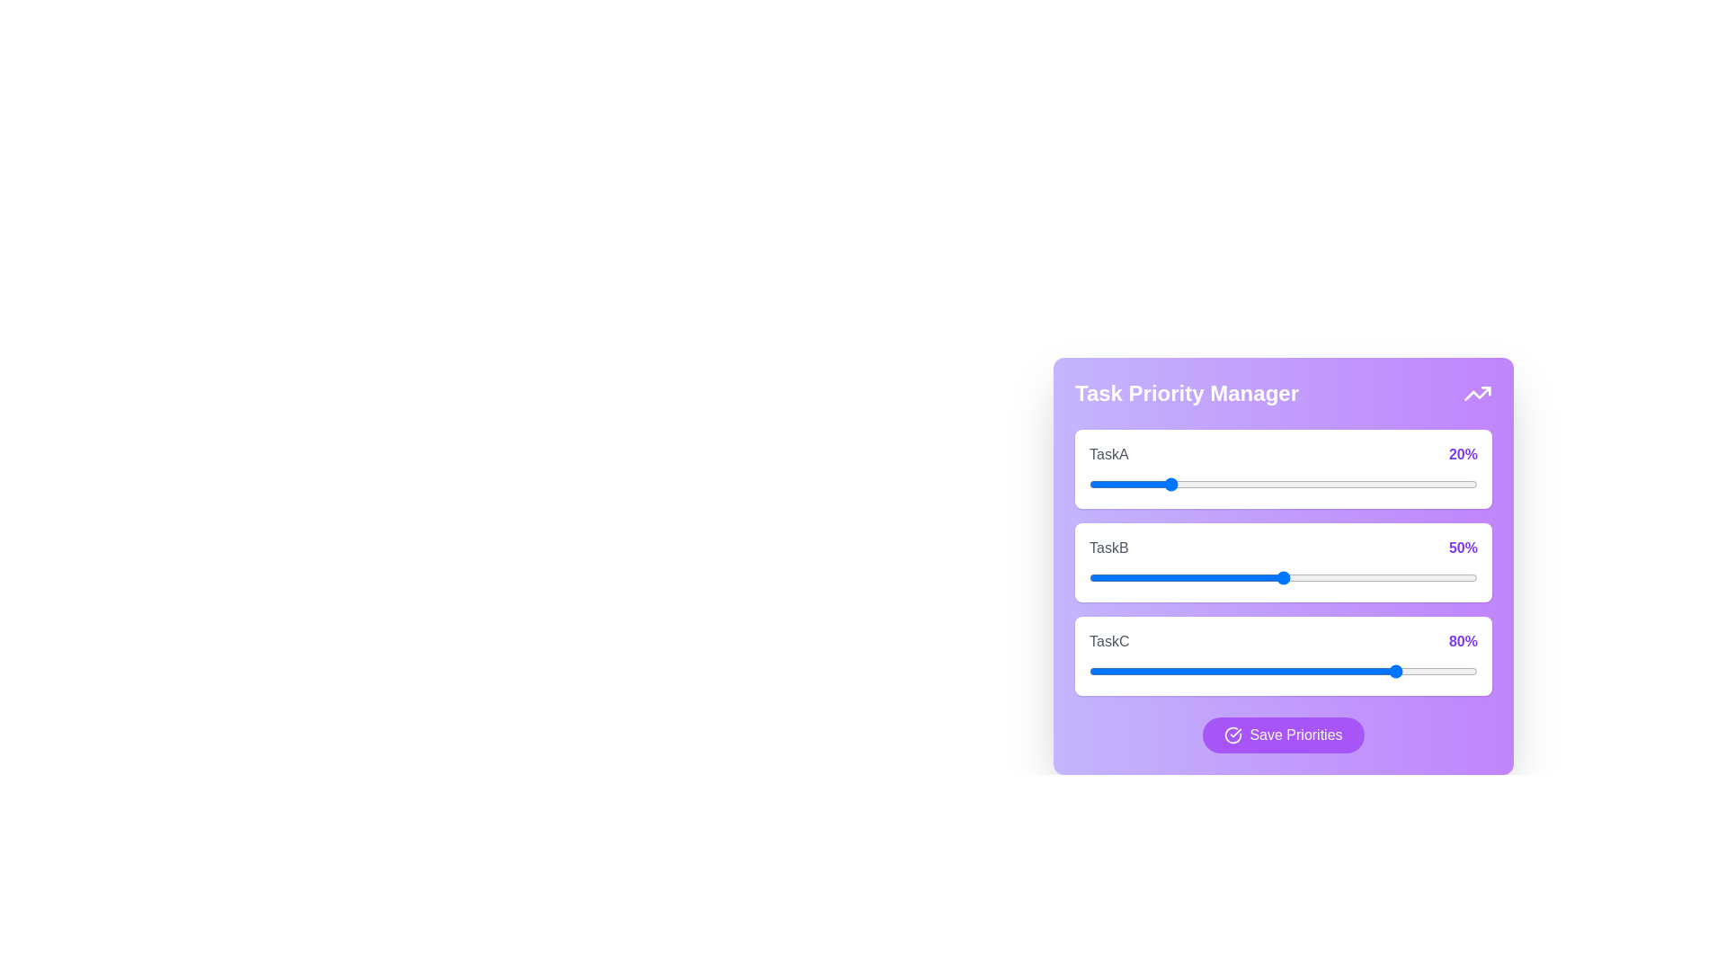  Describe the element at coordinates (1228, 484) in the screenshot. I see `the priority of TaskA to 36%` at that location.